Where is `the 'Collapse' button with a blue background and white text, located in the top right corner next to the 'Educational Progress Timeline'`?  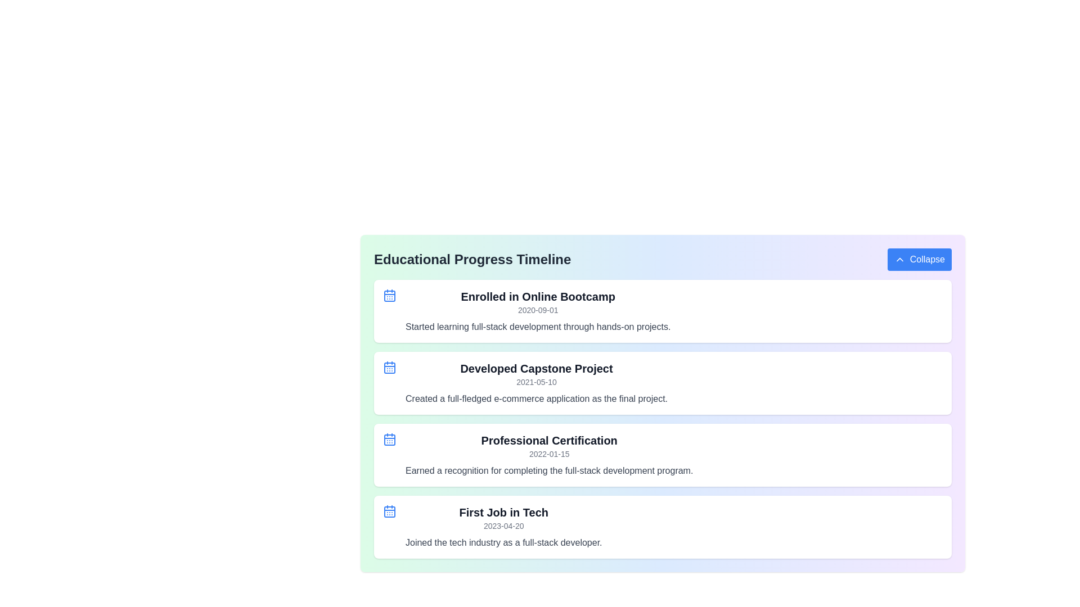 the 'Collapse' button with a blue background and white text, located in the top right corner next to the 'Educational Progress Timeline' is located at coordinates (919, 260).